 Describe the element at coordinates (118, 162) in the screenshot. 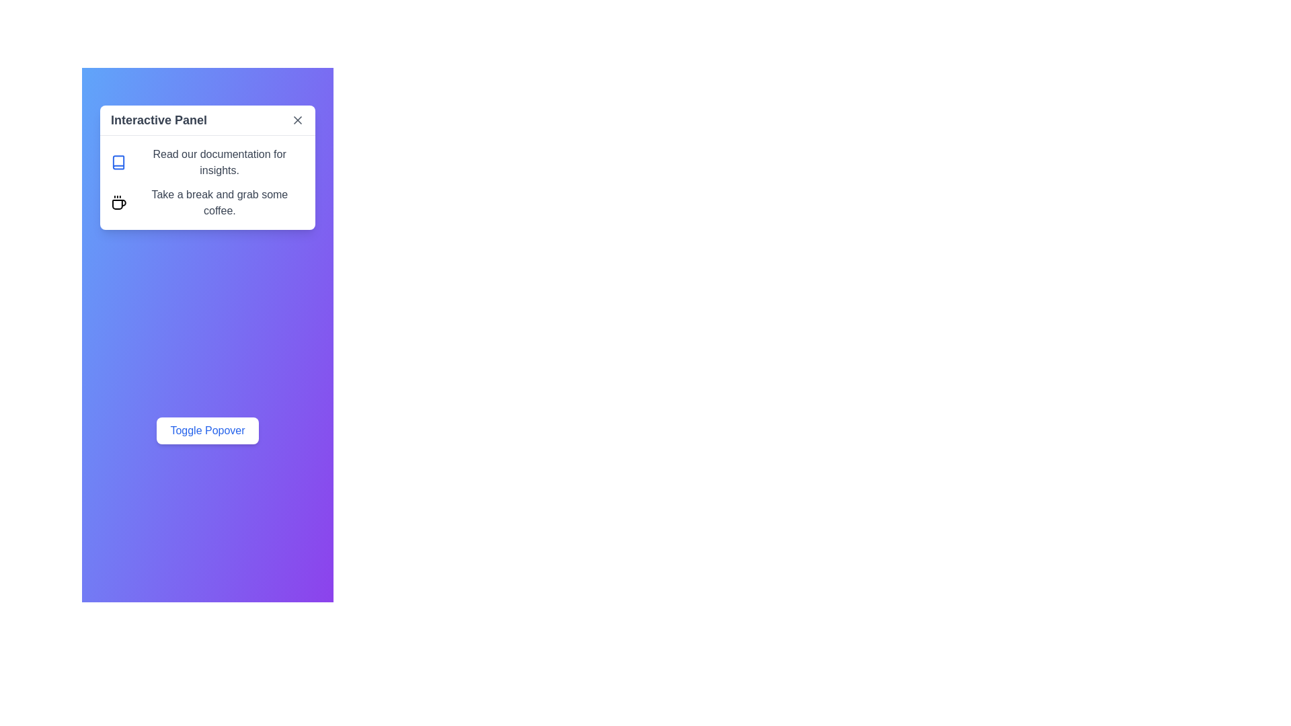

I see `the small blue book icon located to the left of the text 'Read our documentation for insights'` at that location.